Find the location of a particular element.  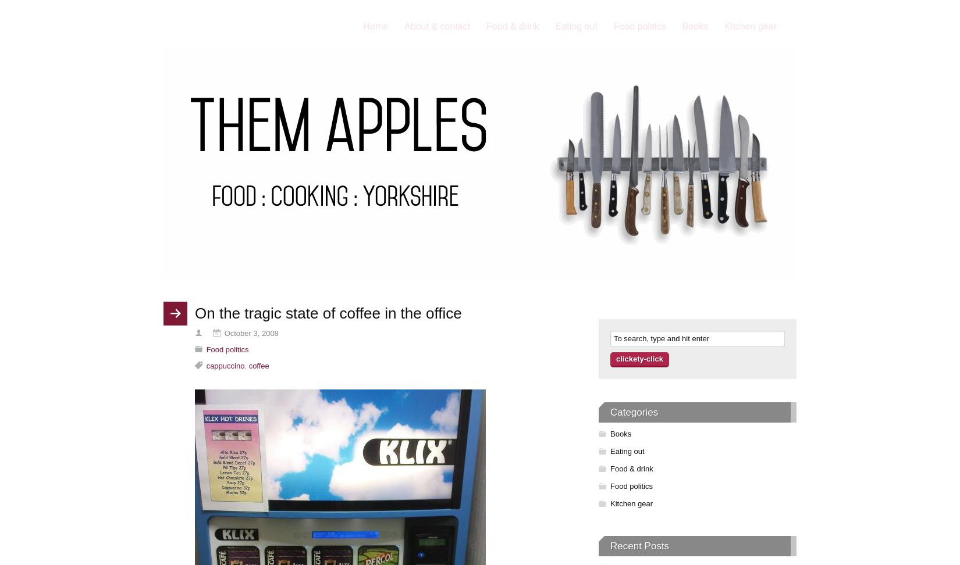

'About & contact' is located at coordinates (436, 26).